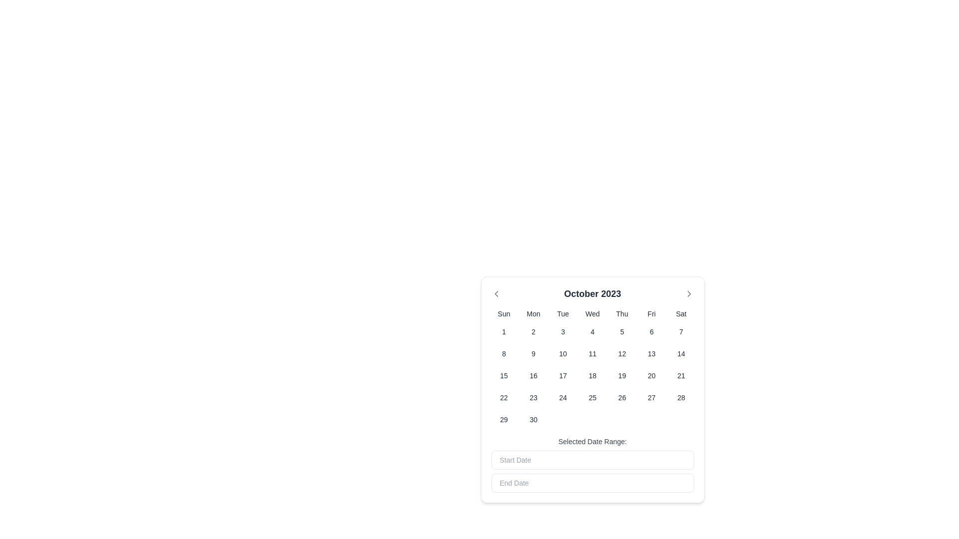 The width and height of the screenshot is (959, 539). I want to click on the text label indicating 'Tuesday' in the calendar header, which is positioned between 'Mon' and 'Wed', so click(563, 313).